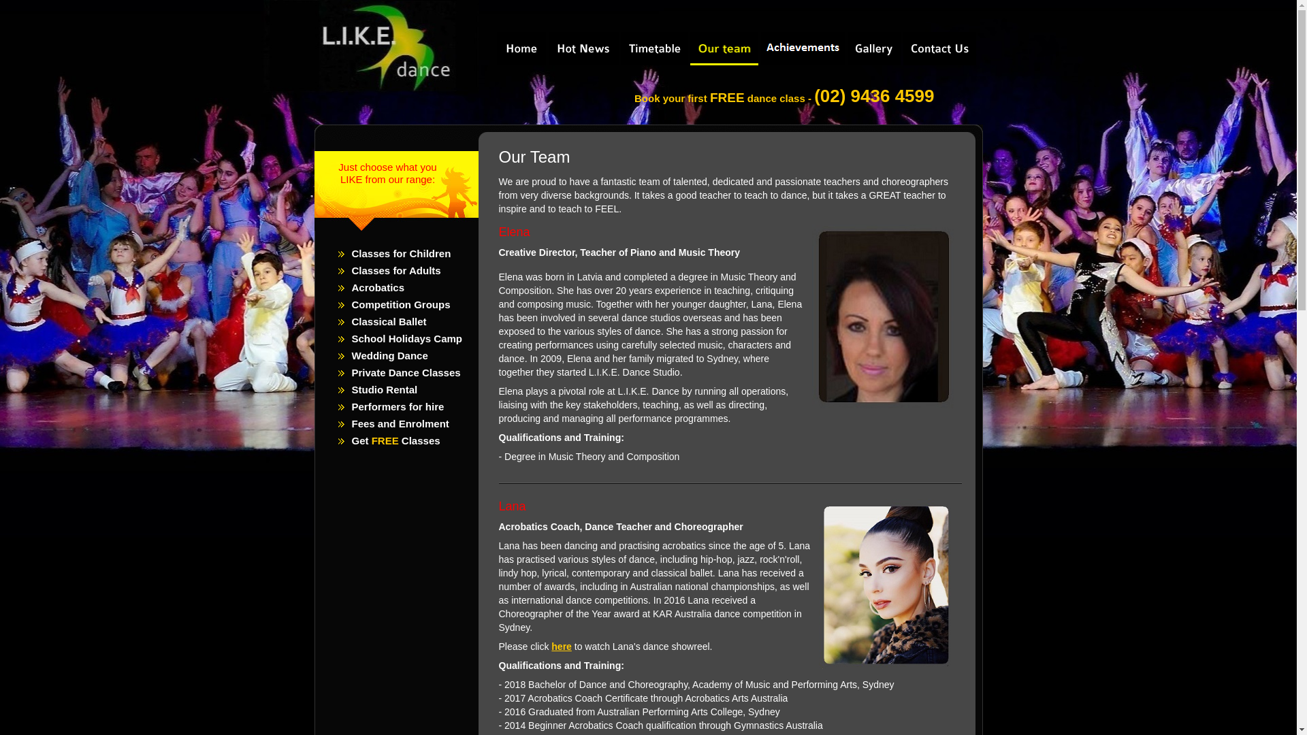 Image resolution: width=1307 pixels, height=735 pixels. I want to click on 'here', so click(562, 645).